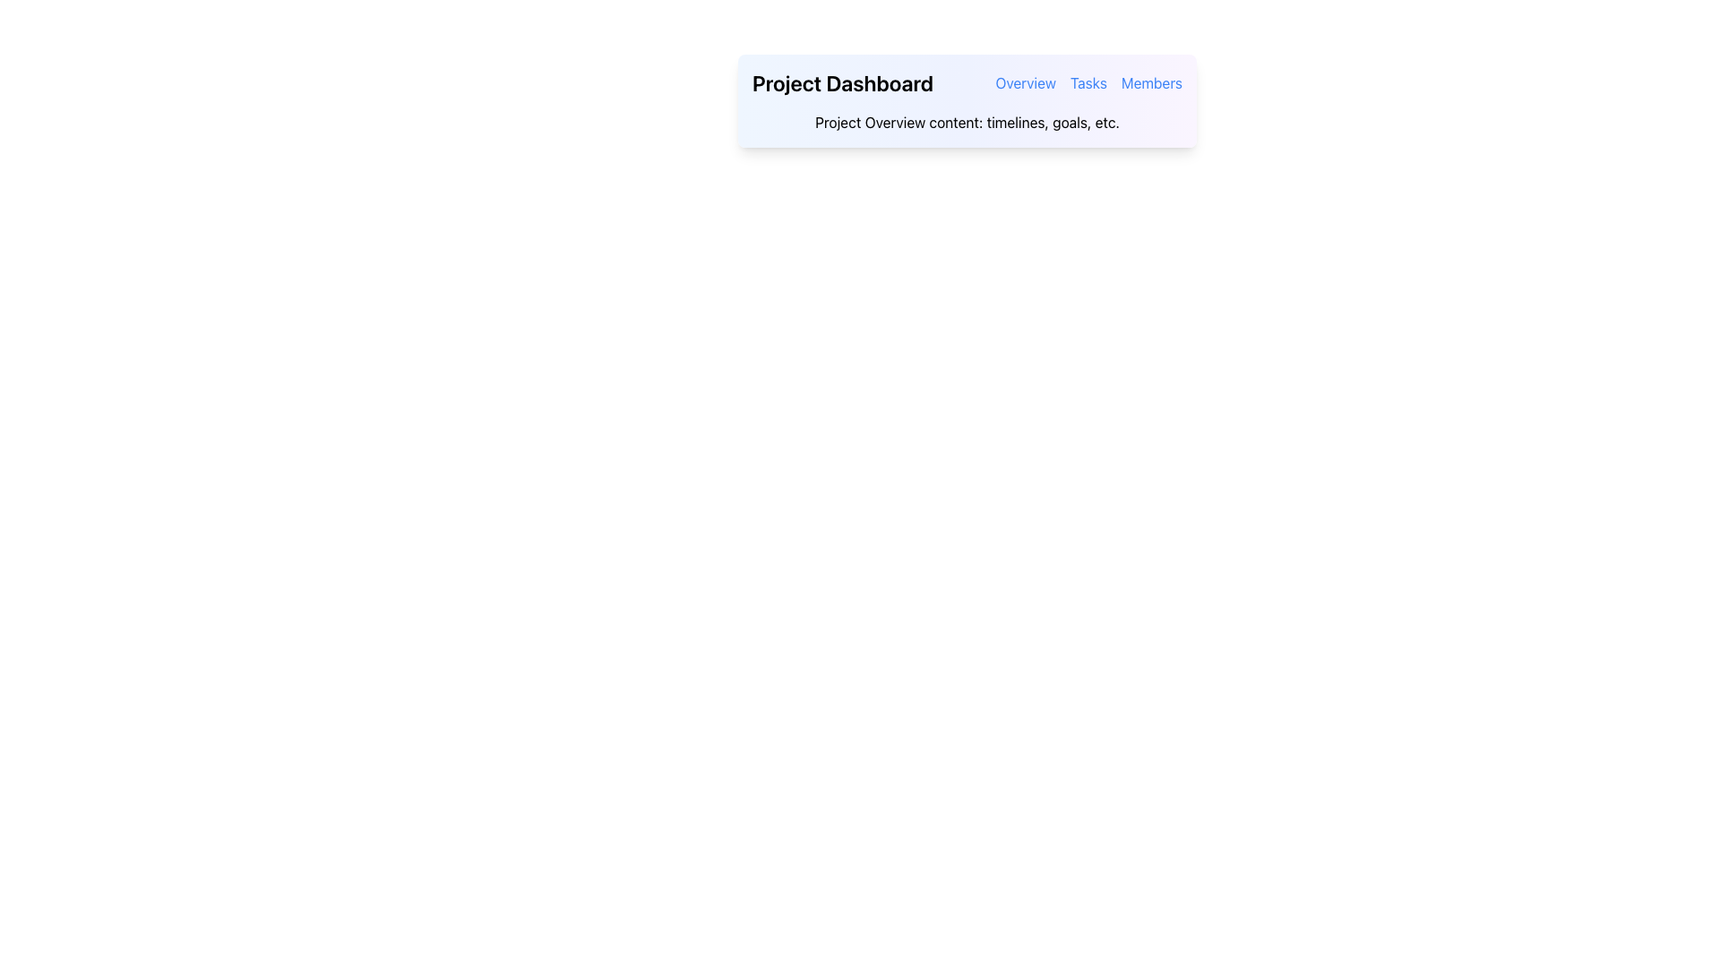  I want to click on the title text 'Project Dashboard', which is styled in bold and larger font, located at the top-left part of the display within the header section, so click(841, 82).